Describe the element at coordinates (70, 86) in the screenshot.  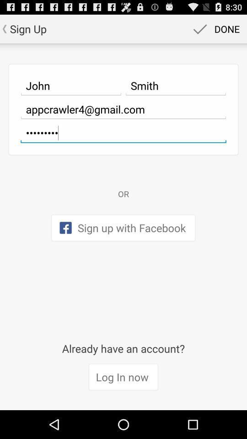
I see `icon below sign up app` at that location.